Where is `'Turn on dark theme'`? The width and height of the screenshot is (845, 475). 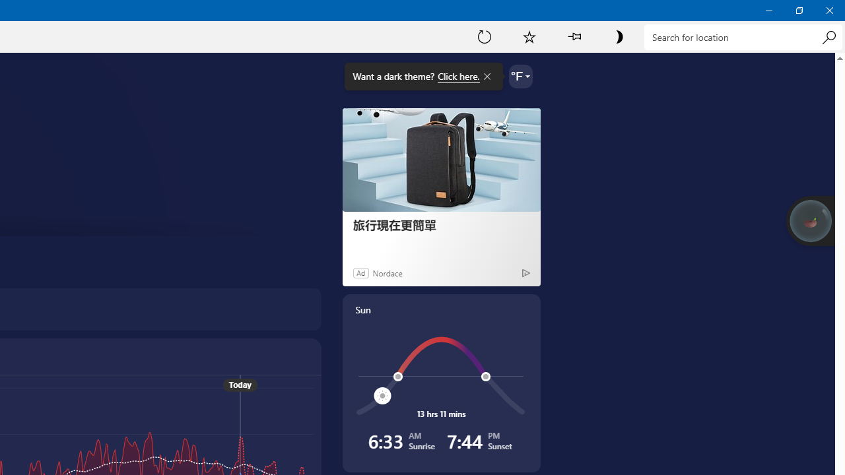 'Turn on dark theme' is located at coordinates (618, 36).